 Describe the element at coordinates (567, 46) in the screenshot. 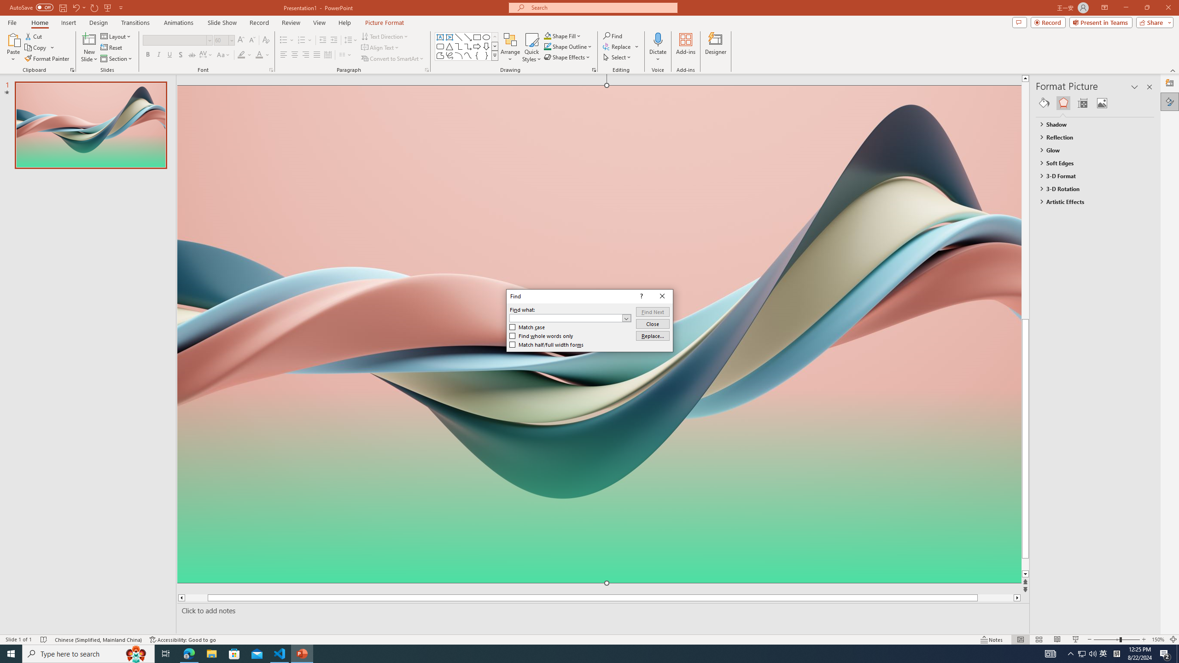

I see `'Shape Outline'` at that location.